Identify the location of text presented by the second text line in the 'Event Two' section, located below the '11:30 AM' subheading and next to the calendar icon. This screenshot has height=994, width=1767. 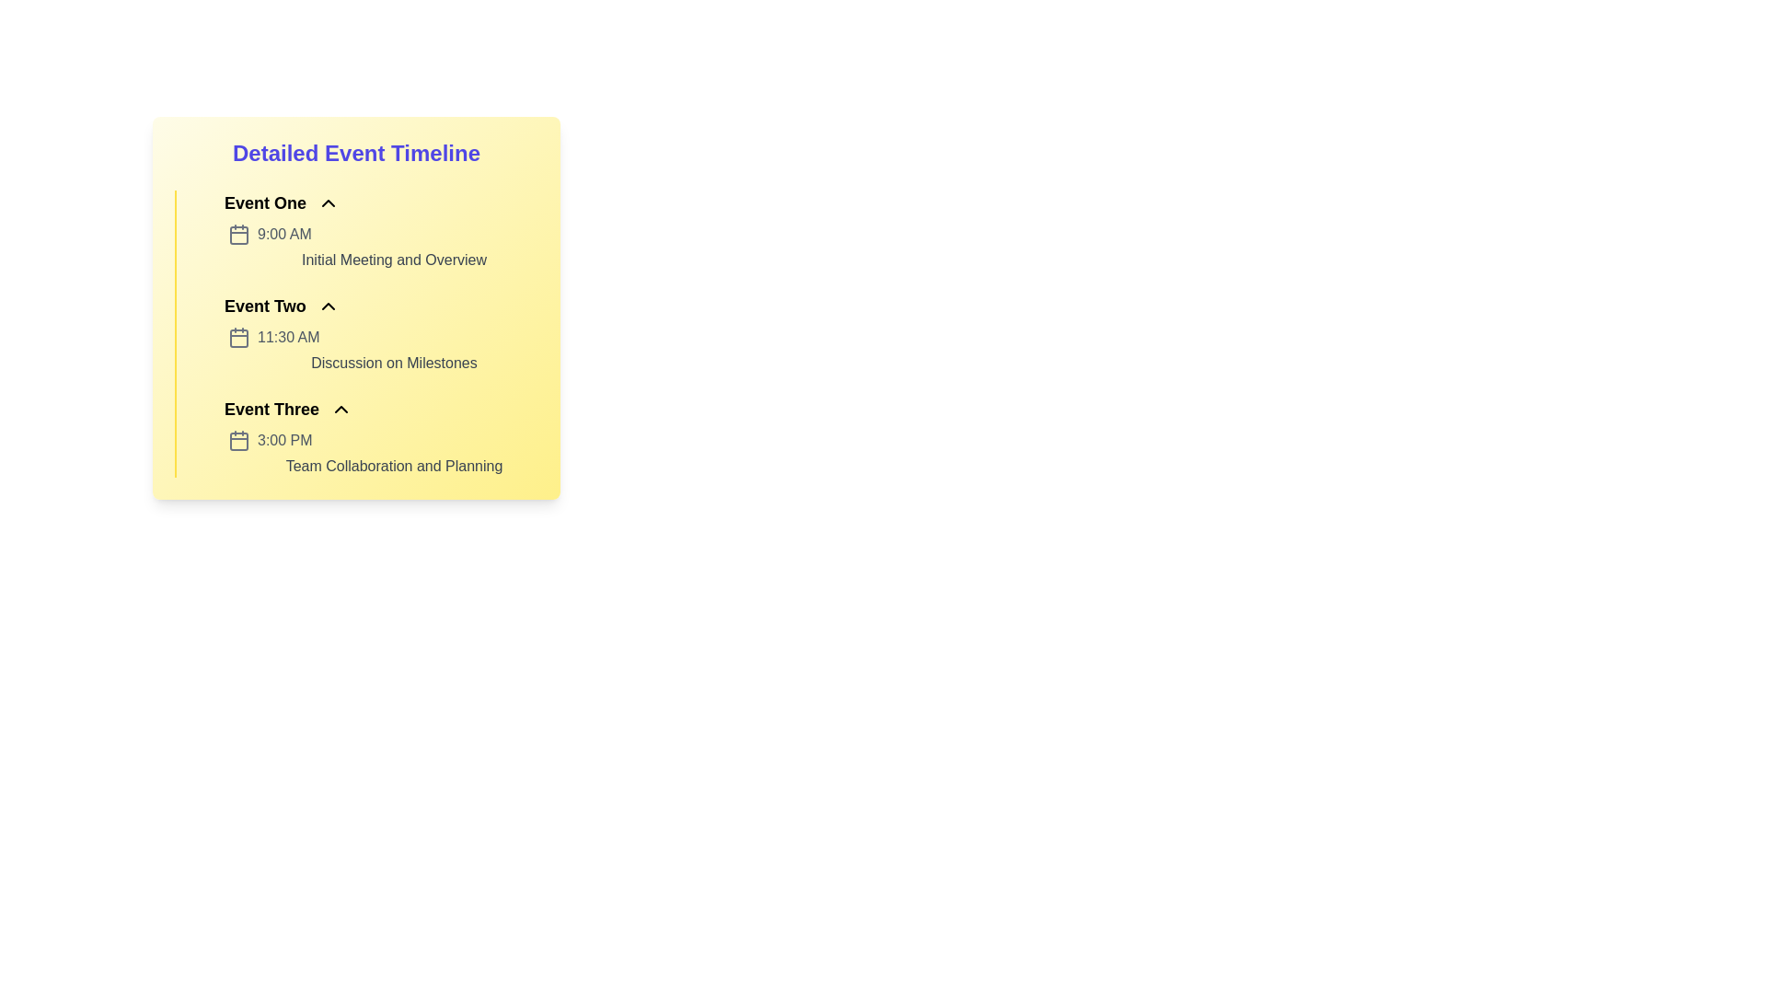
(393, 363).